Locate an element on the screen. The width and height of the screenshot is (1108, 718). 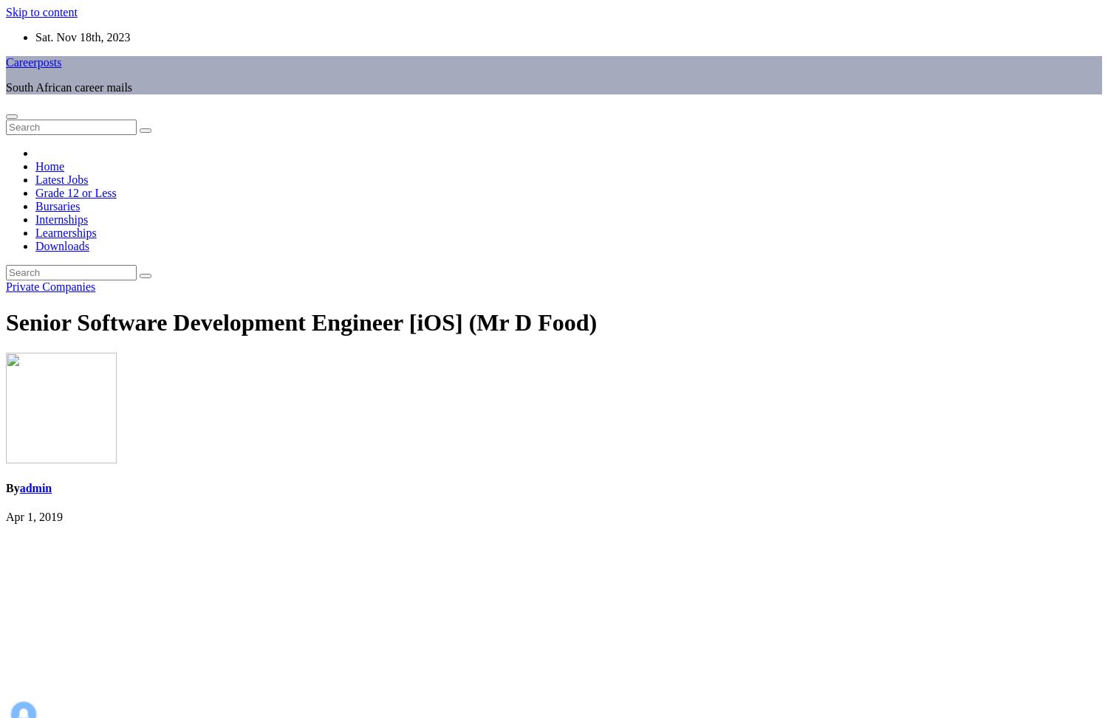
'Sat. Nov 18th, 2023' is located at coordinates (82, 37).